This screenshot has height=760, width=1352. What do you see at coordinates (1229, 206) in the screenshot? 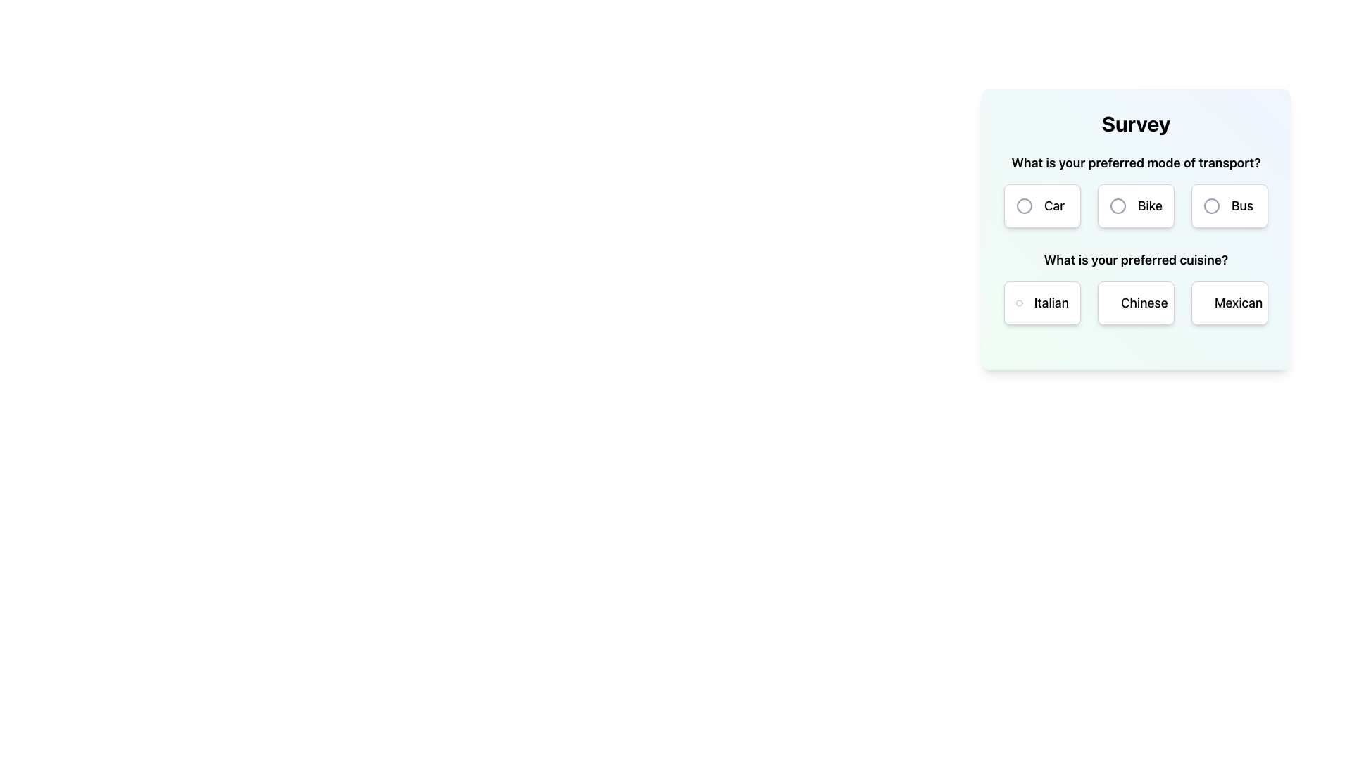
I see `the 'Bus' selectable card in the survey options` at bounding box center [1229, 206].